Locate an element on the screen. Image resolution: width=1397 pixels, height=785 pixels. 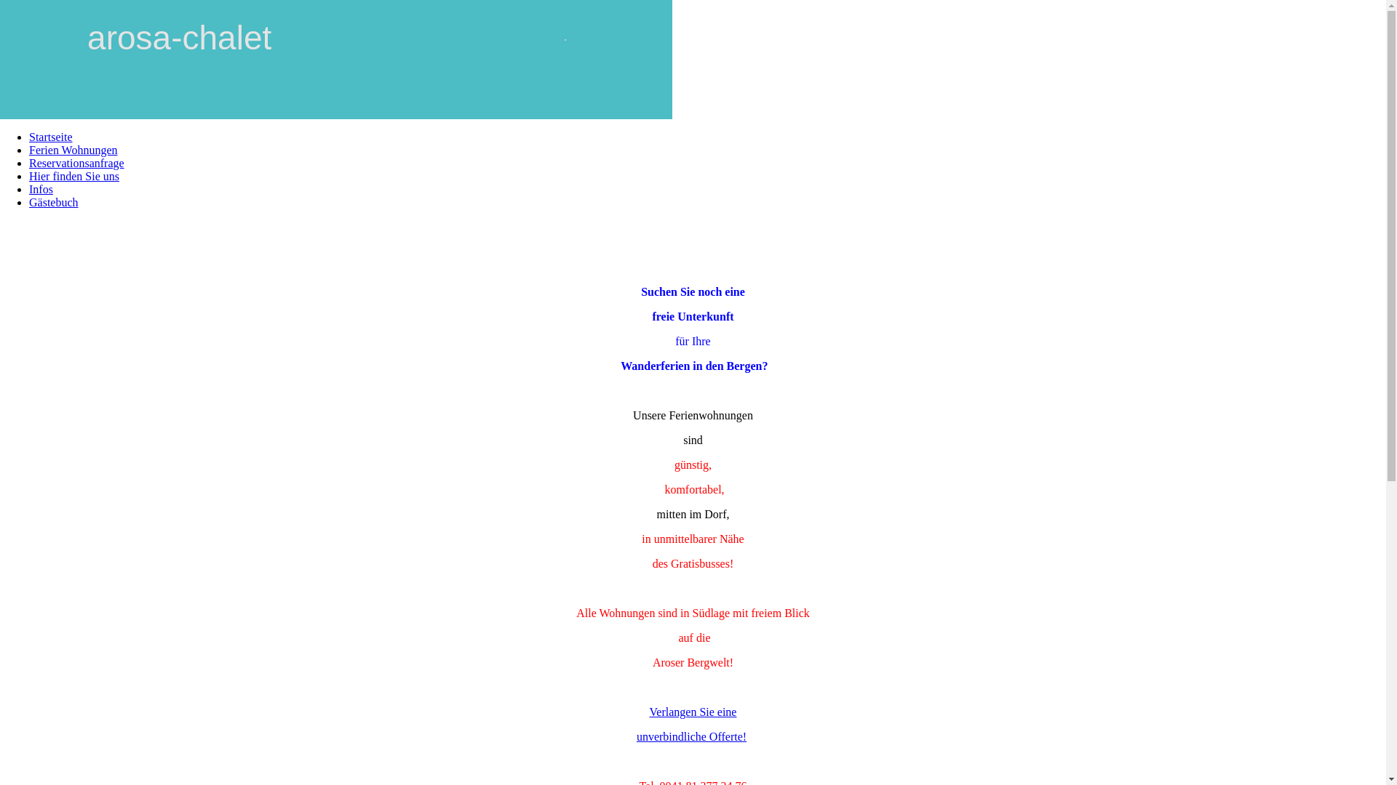
'Infos' is located at coordinates (41, 188).